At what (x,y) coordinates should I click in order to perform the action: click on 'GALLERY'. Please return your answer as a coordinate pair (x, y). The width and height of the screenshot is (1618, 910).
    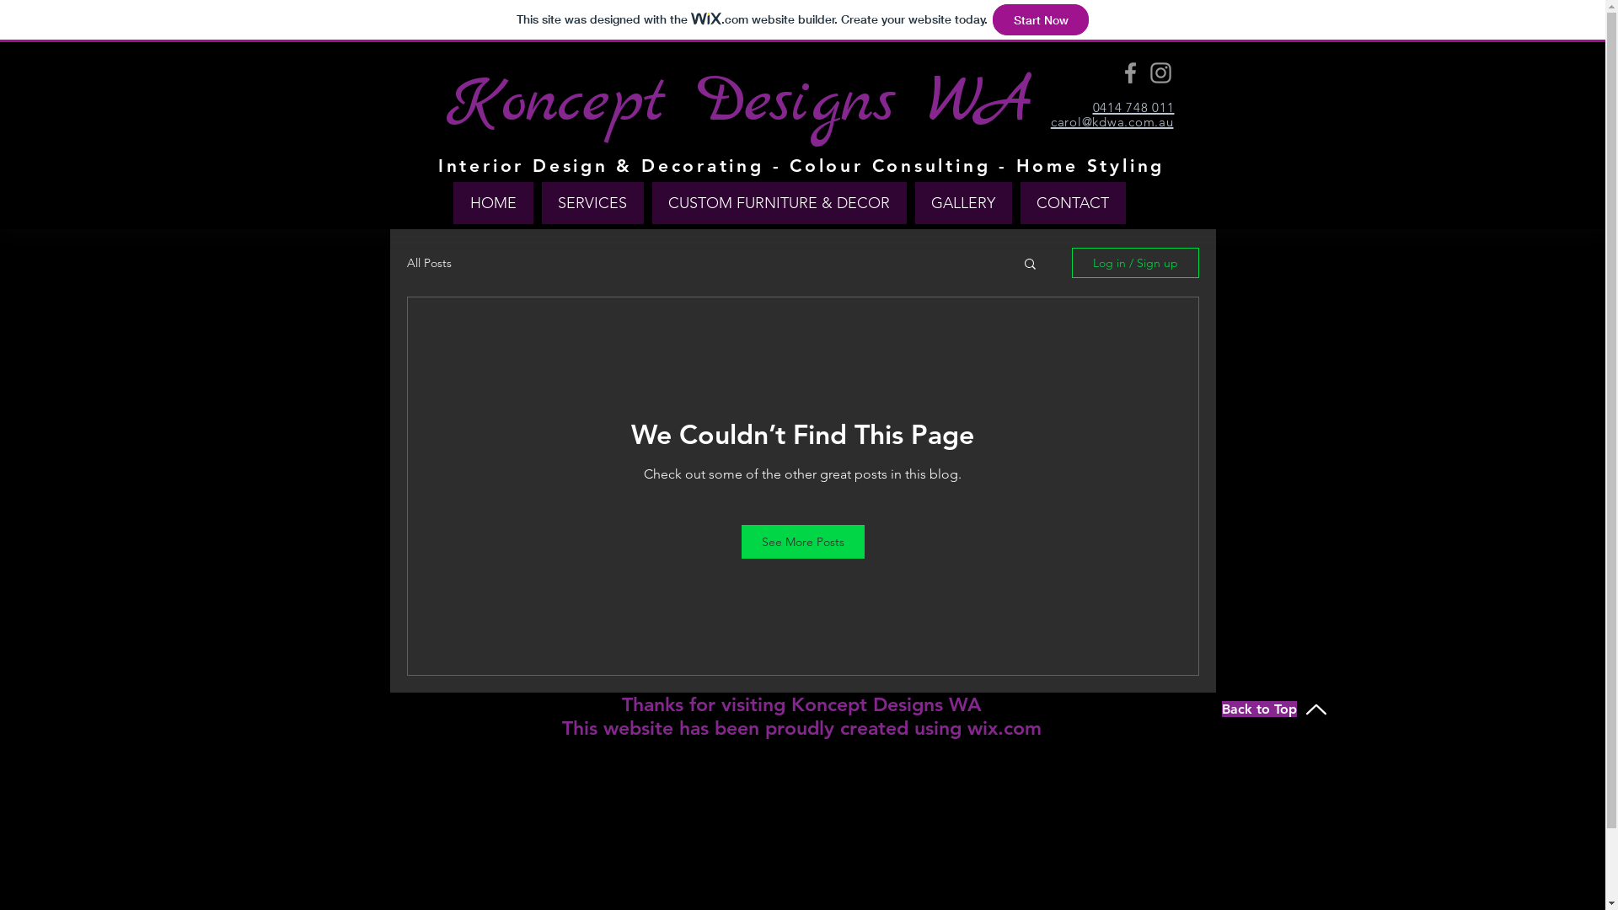
    Looking at the image, I should click on (963, 201).